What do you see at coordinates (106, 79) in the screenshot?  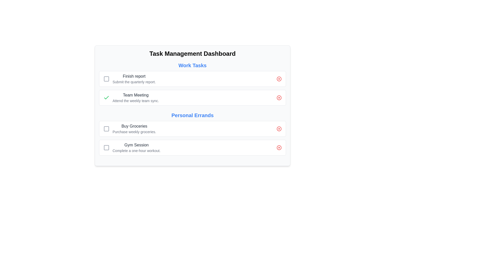 I see `the checkbox for the 'Finish report' task located` at bounding box center [106, 79].